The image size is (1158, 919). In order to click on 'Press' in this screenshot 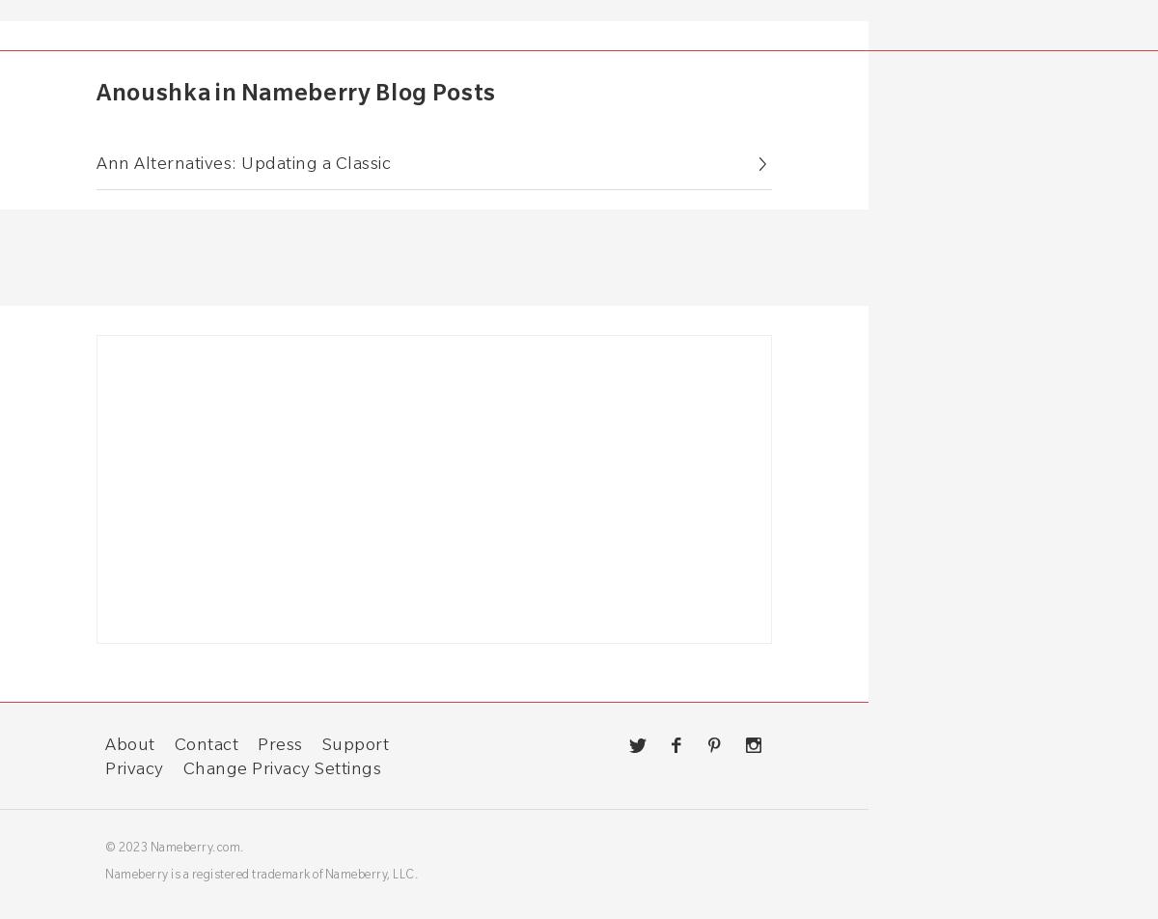, I will do `click(279, 742)`.